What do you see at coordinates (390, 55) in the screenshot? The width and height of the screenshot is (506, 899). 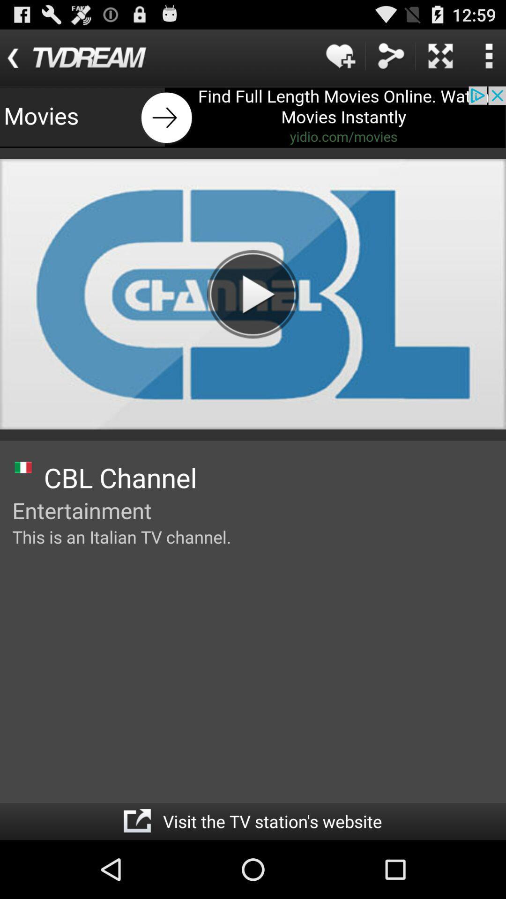 I see `share this application` at bounding box center [390, 55].